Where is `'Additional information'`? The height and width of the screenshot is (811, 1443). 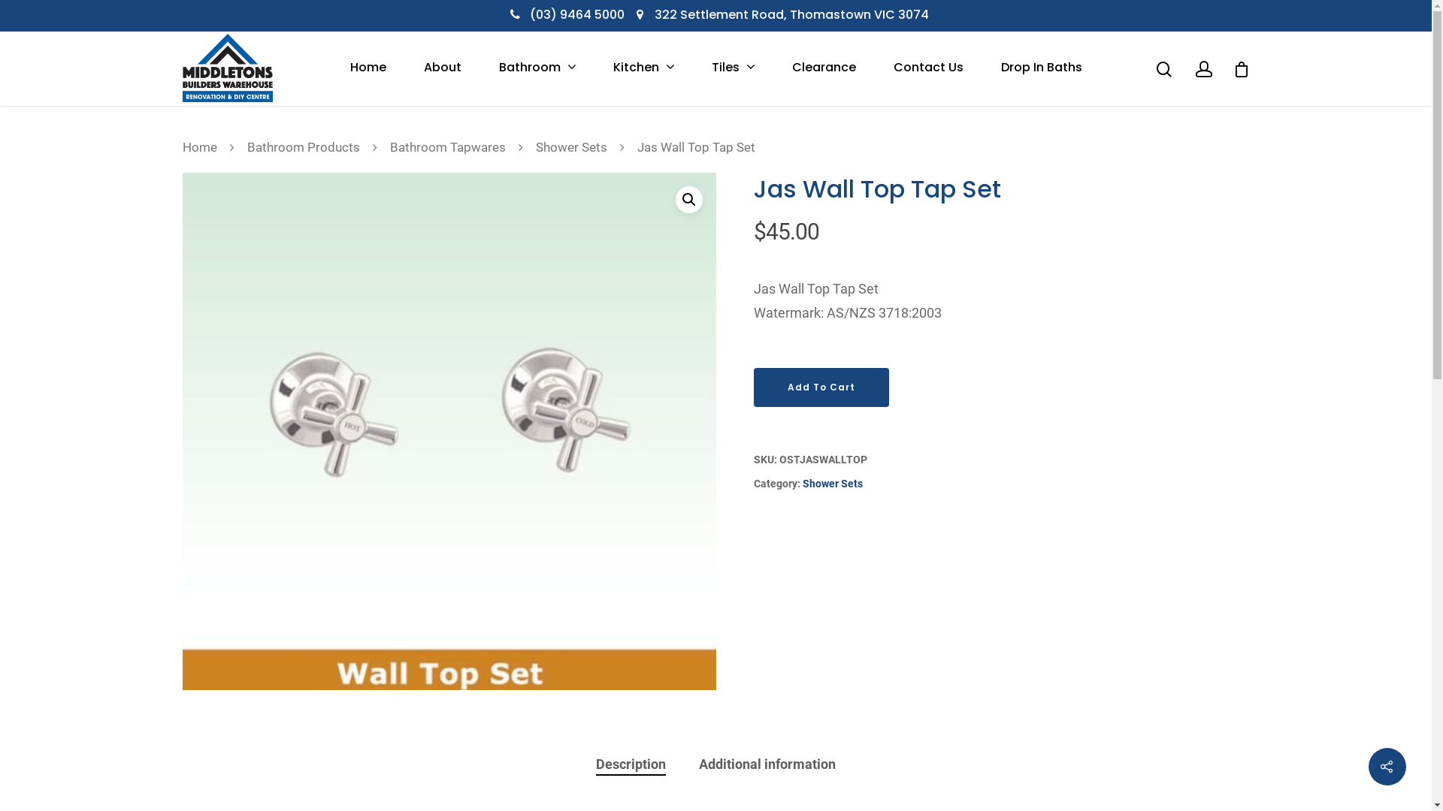
'Additional information' is located at coordinates (767, 764).